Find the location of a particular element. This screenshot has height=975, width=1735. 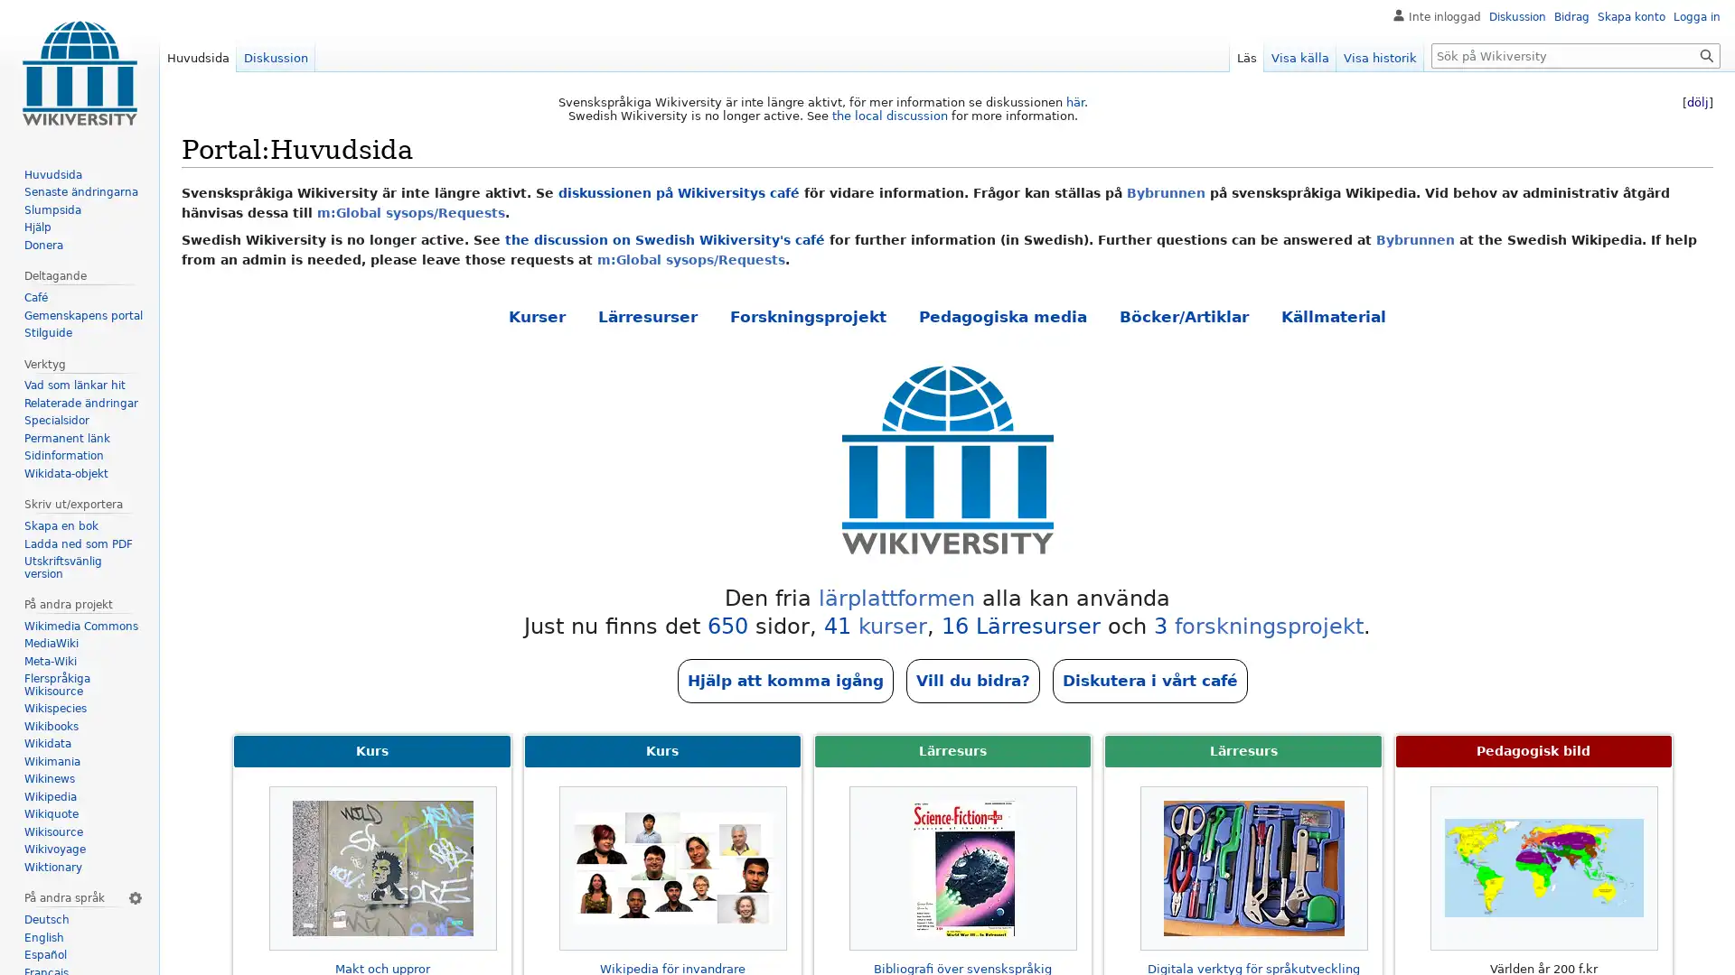

Ga till is located at coordinates (1706, 54).